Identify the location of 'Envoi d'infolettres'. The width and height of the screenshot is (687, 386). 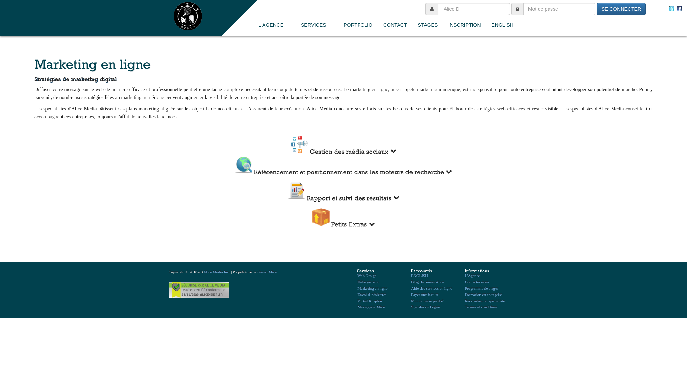
(372, 295).